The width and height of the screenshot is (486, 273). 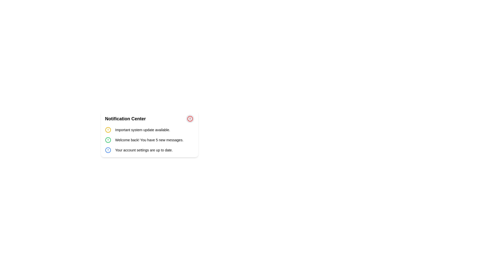 I want to click on the 'Welcome back! You have 5 new messages.' text notification, so click(x=149, y=140).